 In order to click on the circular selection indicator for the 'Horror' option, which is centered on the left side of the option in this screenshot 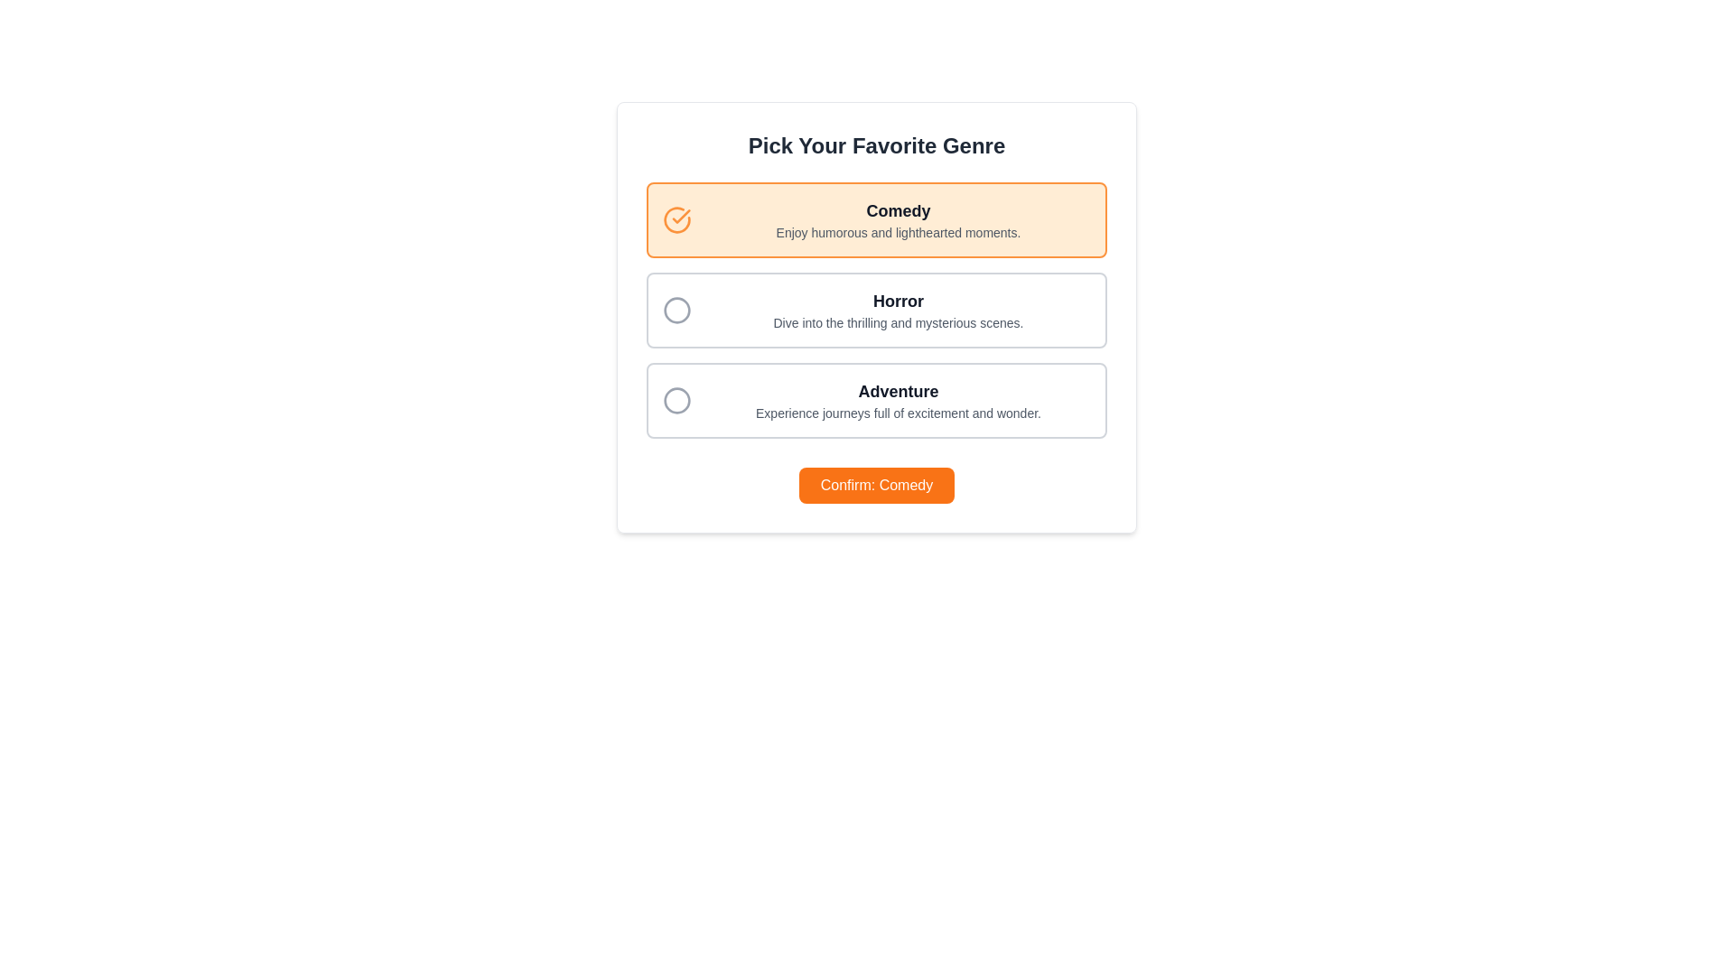, I will do `click(676, 309)`.